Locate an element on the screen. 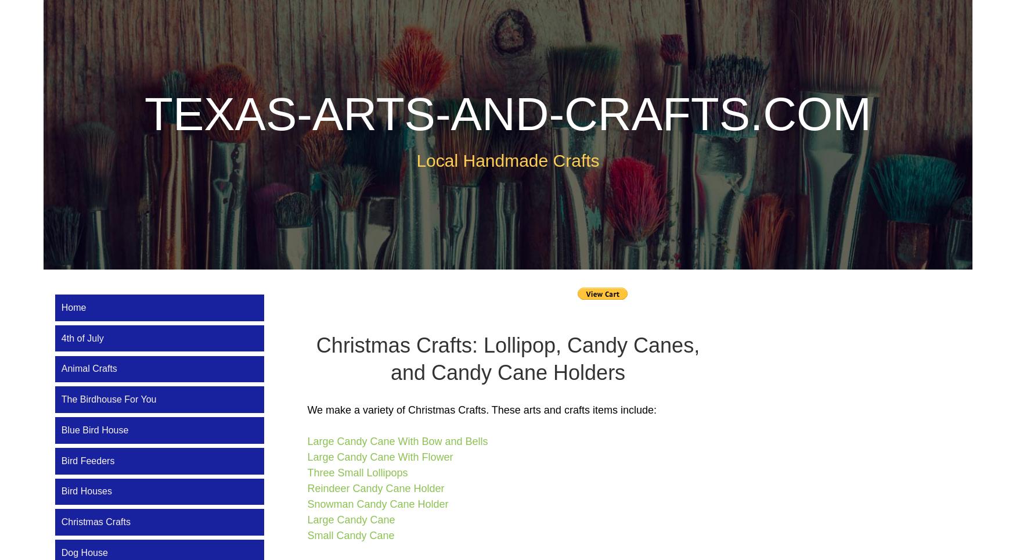 The height and width of the screenshot is (560, 1016). 'Christmas Crafts: Lollipop, Candy Canes, and Candy Cane Holders' is located at coordinates (507, 358).